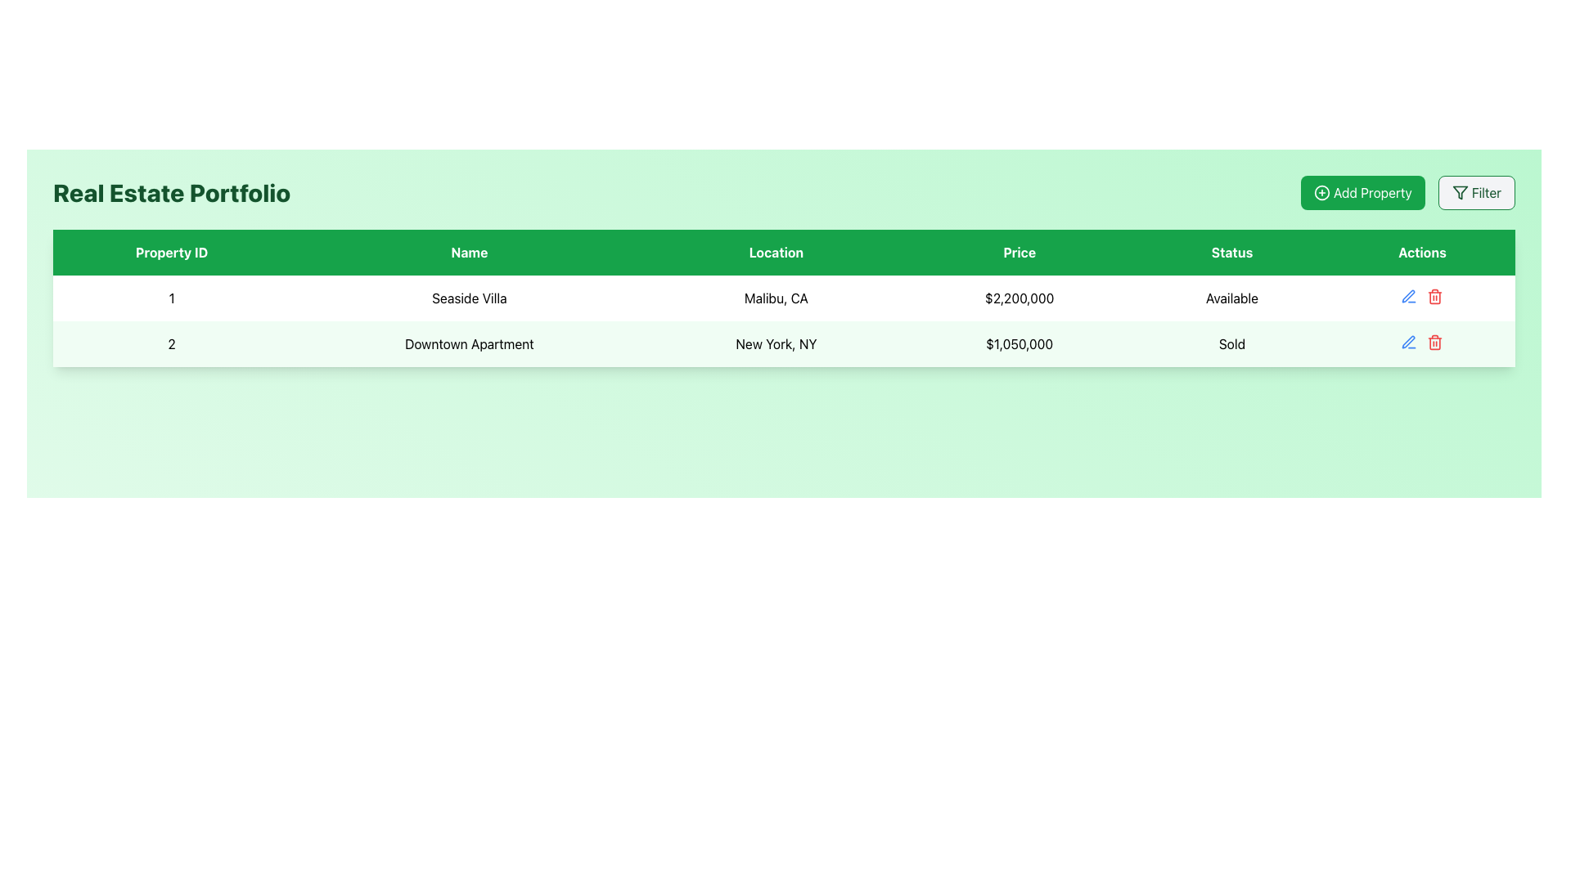  I want to click on price displayed in the table cell located in the fourth column of the second row, which shows the text '$1,050,000' in a black font within a pale green rectangular cell, so click(1019, 343).